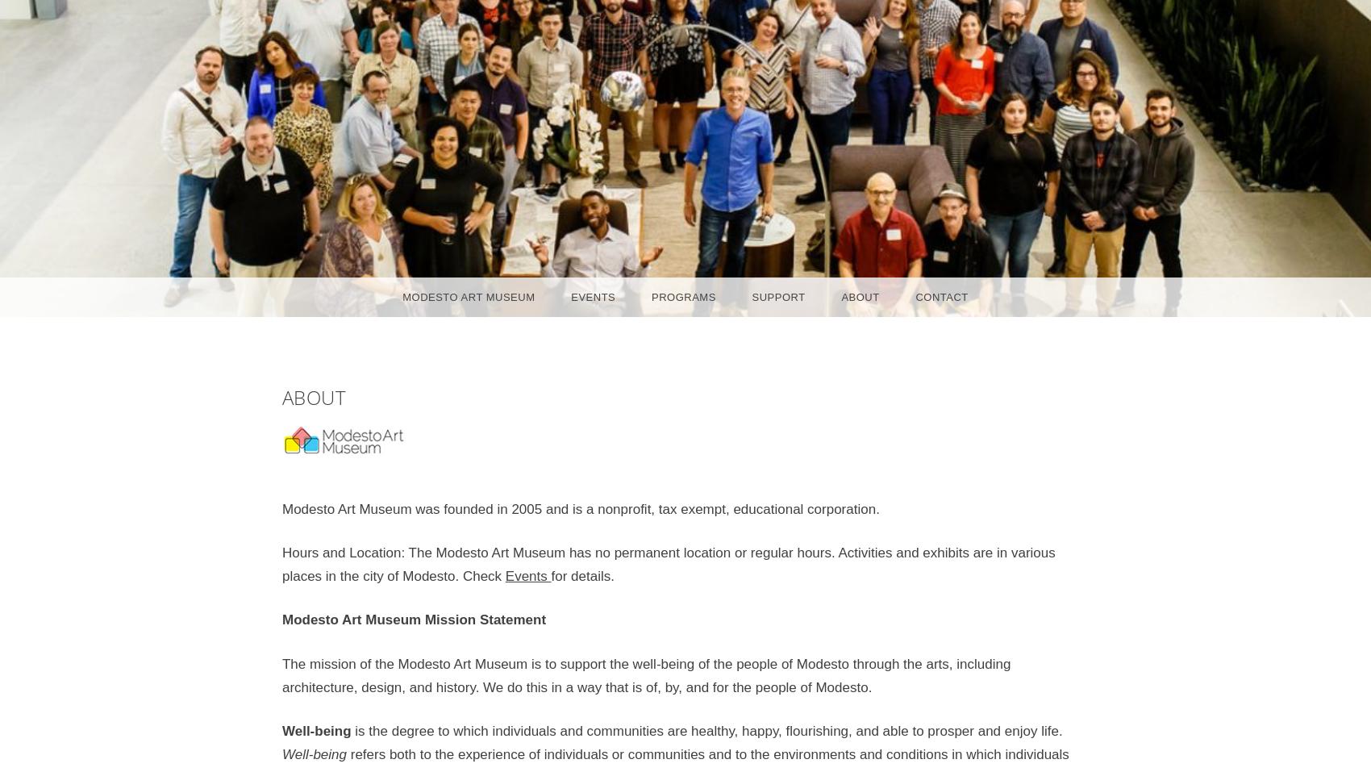 The image size is (1371, 772). I want to click on 'SUPPORT', so click(777, 297).